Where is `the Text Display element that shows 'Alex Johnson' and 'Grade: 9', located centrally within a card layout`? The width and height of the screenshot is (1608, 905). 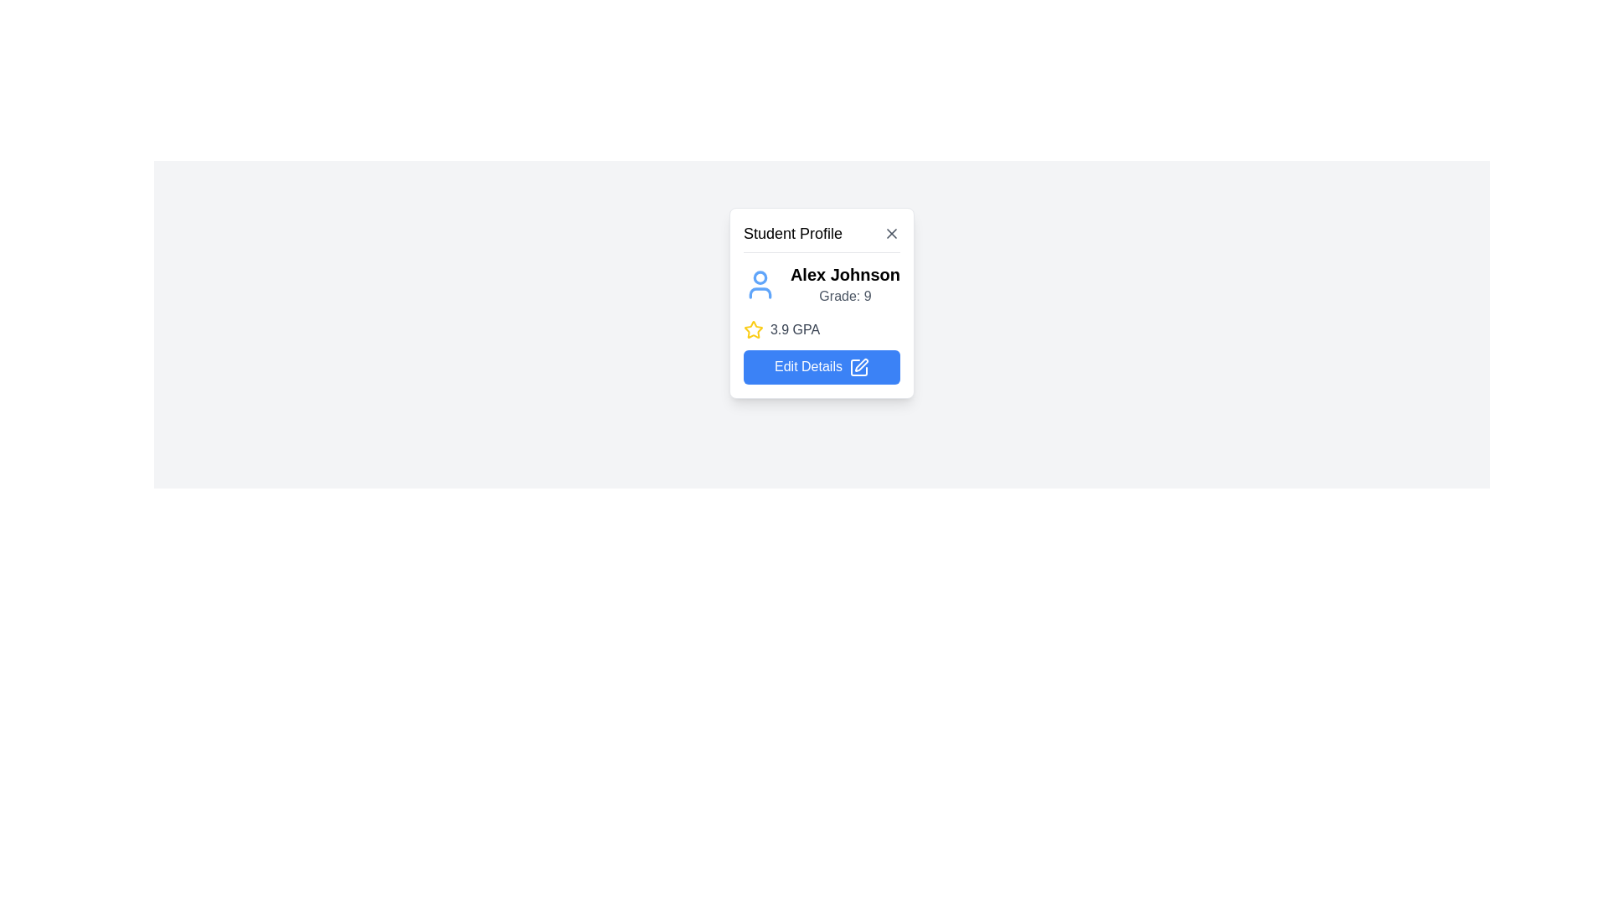
the Text Display element that shows 'Alex Johnson' and 'Grade: 9', located centrally within a card layout is located at coordinates (845, 283).